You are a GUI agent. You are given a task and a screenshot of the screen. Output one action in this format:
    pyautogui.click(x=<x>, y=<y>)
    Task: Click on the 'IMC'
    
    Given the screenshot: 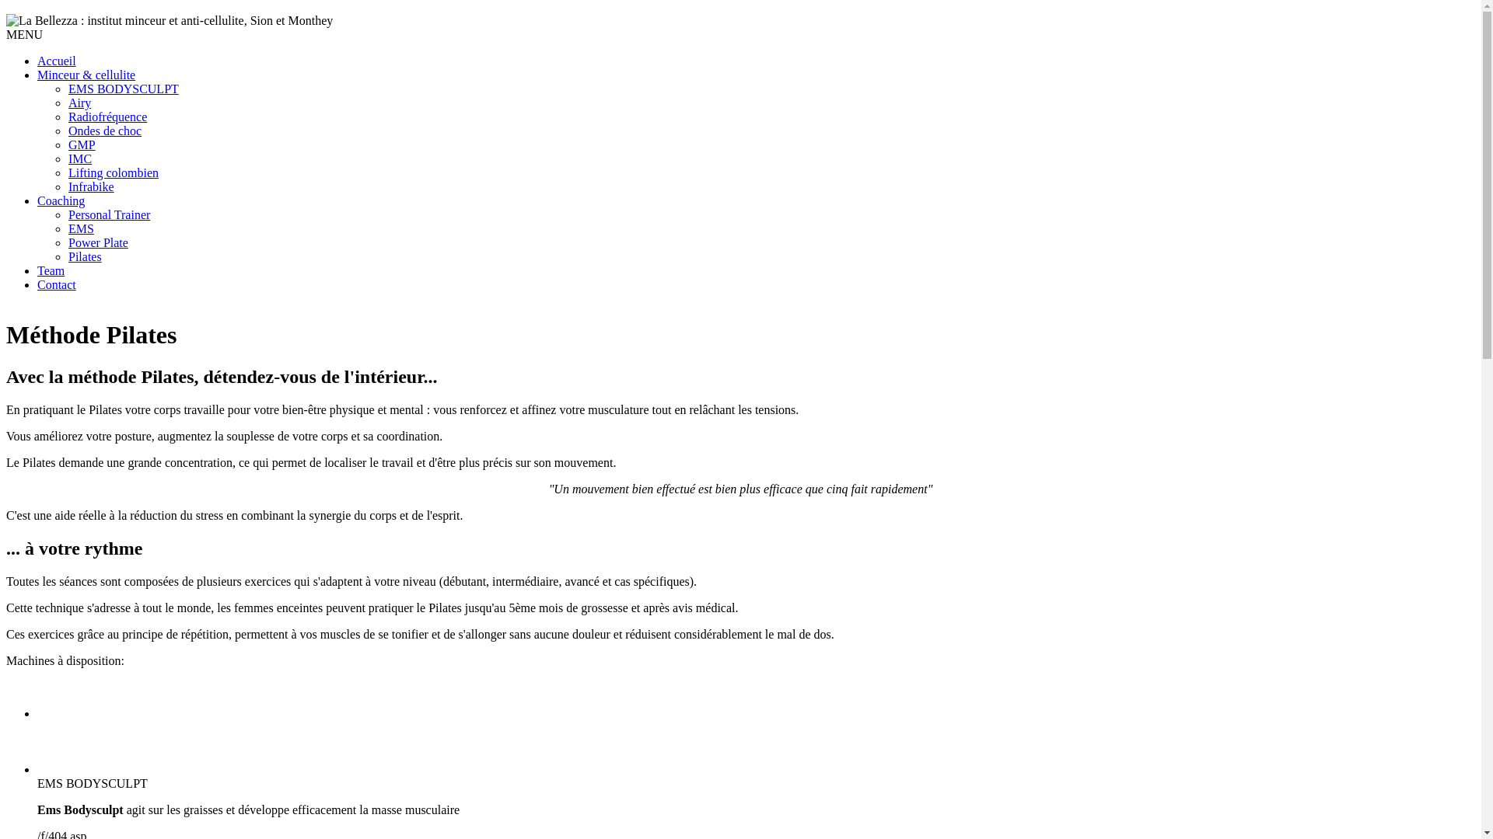 What is the action you would take?
    pyautogui.click(x=79, y=158)
    